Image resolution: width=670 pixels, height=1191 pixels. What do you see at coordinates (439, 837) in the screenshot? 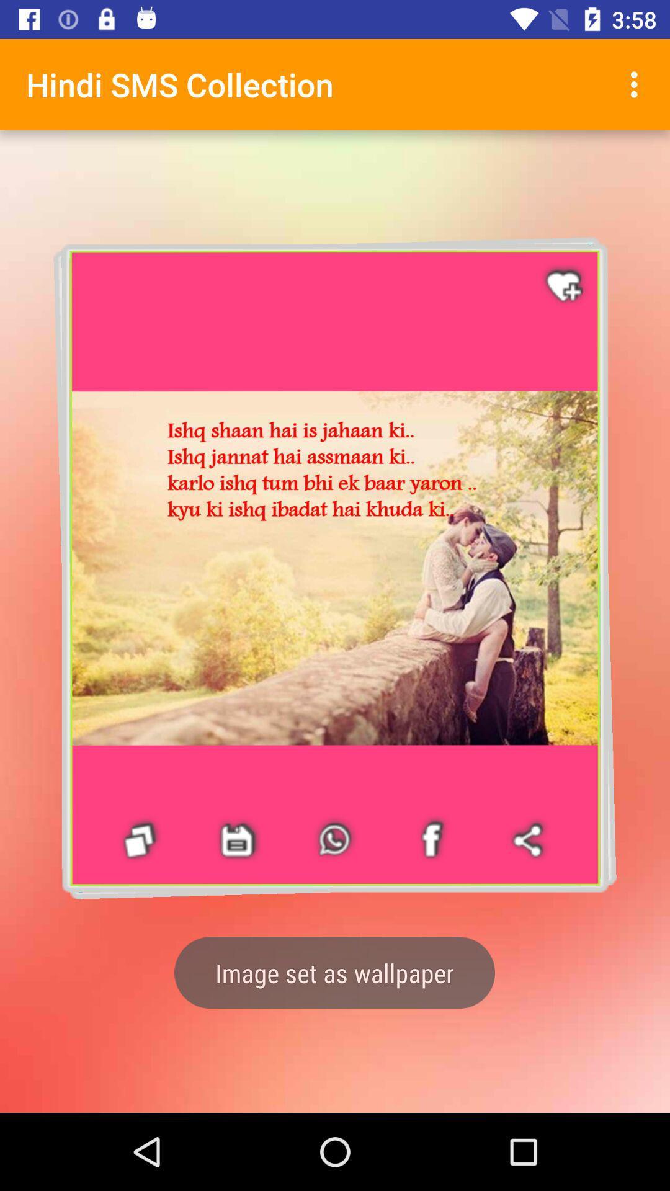
I see `the facebook icon` at bounding box center [439, 837].